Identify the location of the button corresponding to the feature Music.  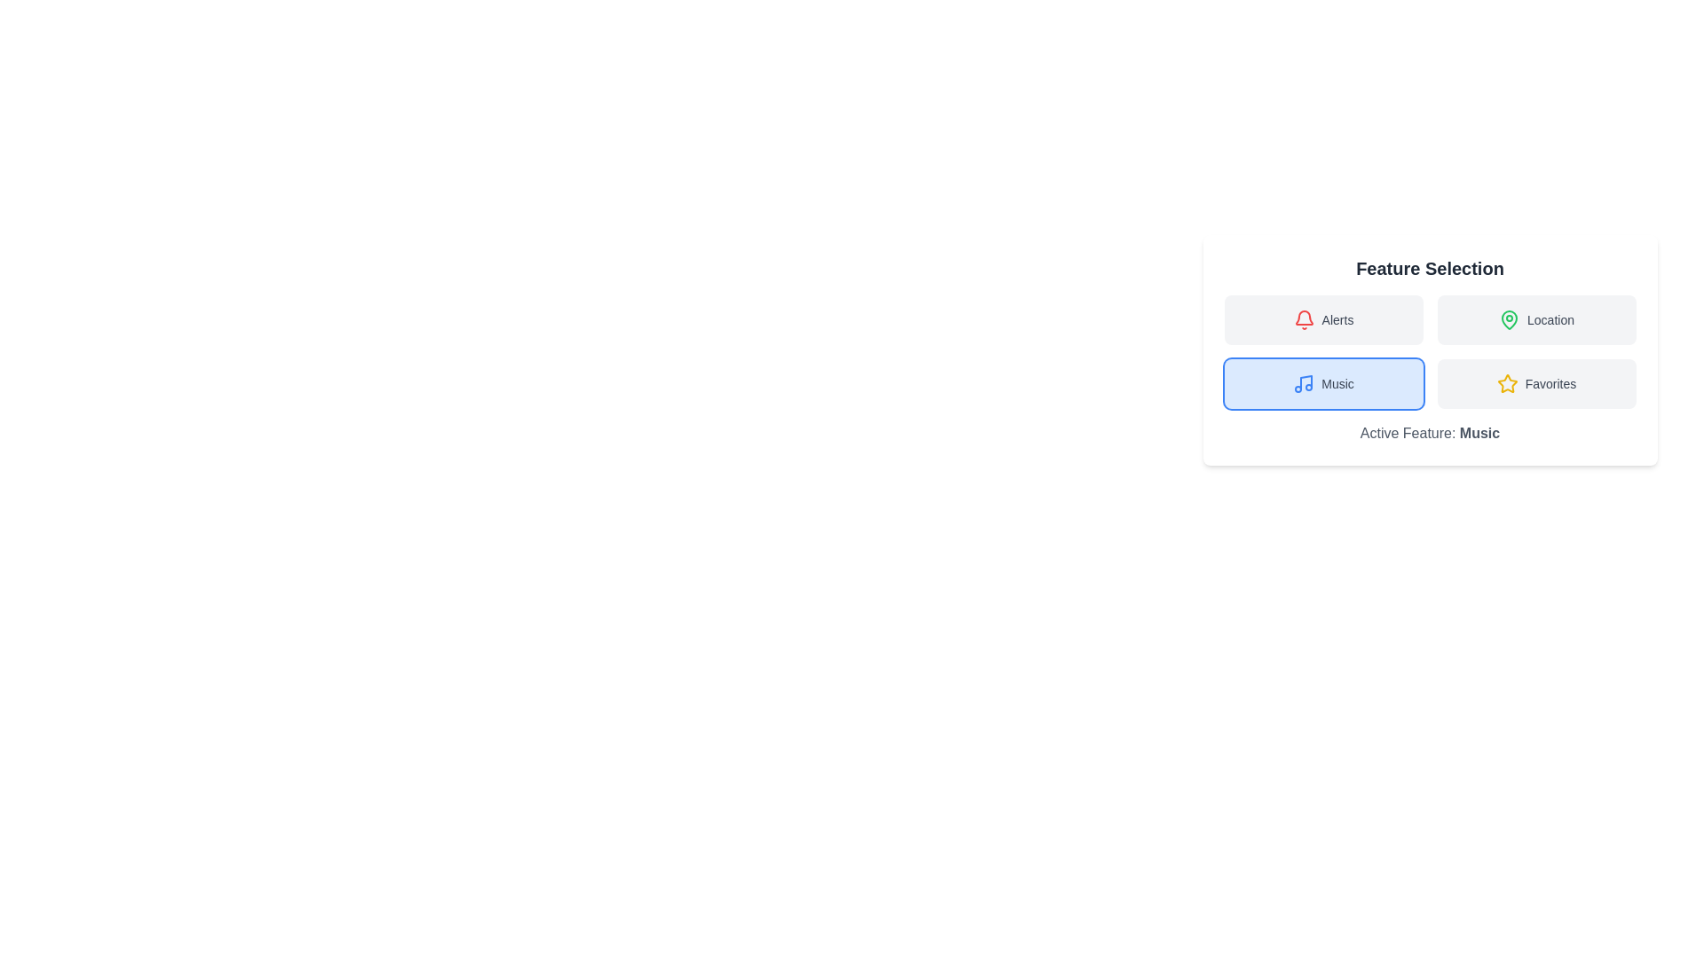
(1323, 382).